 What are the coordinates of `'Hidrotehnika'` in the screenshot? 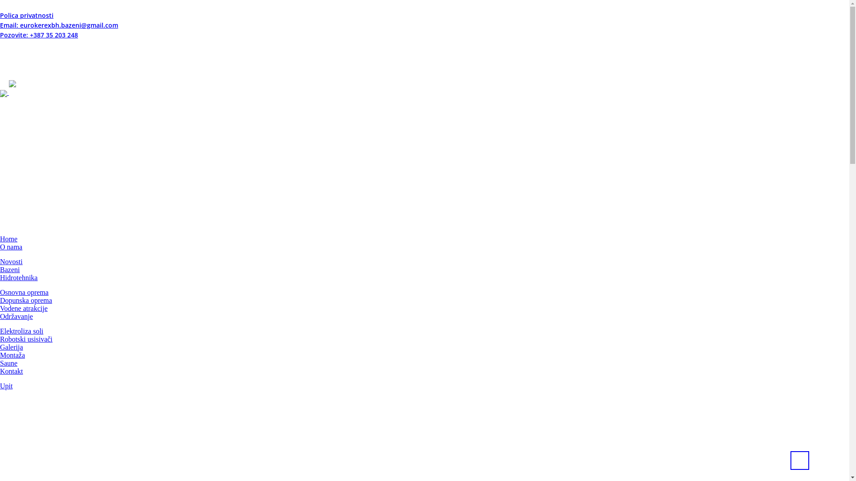 It's located at (19, 277).